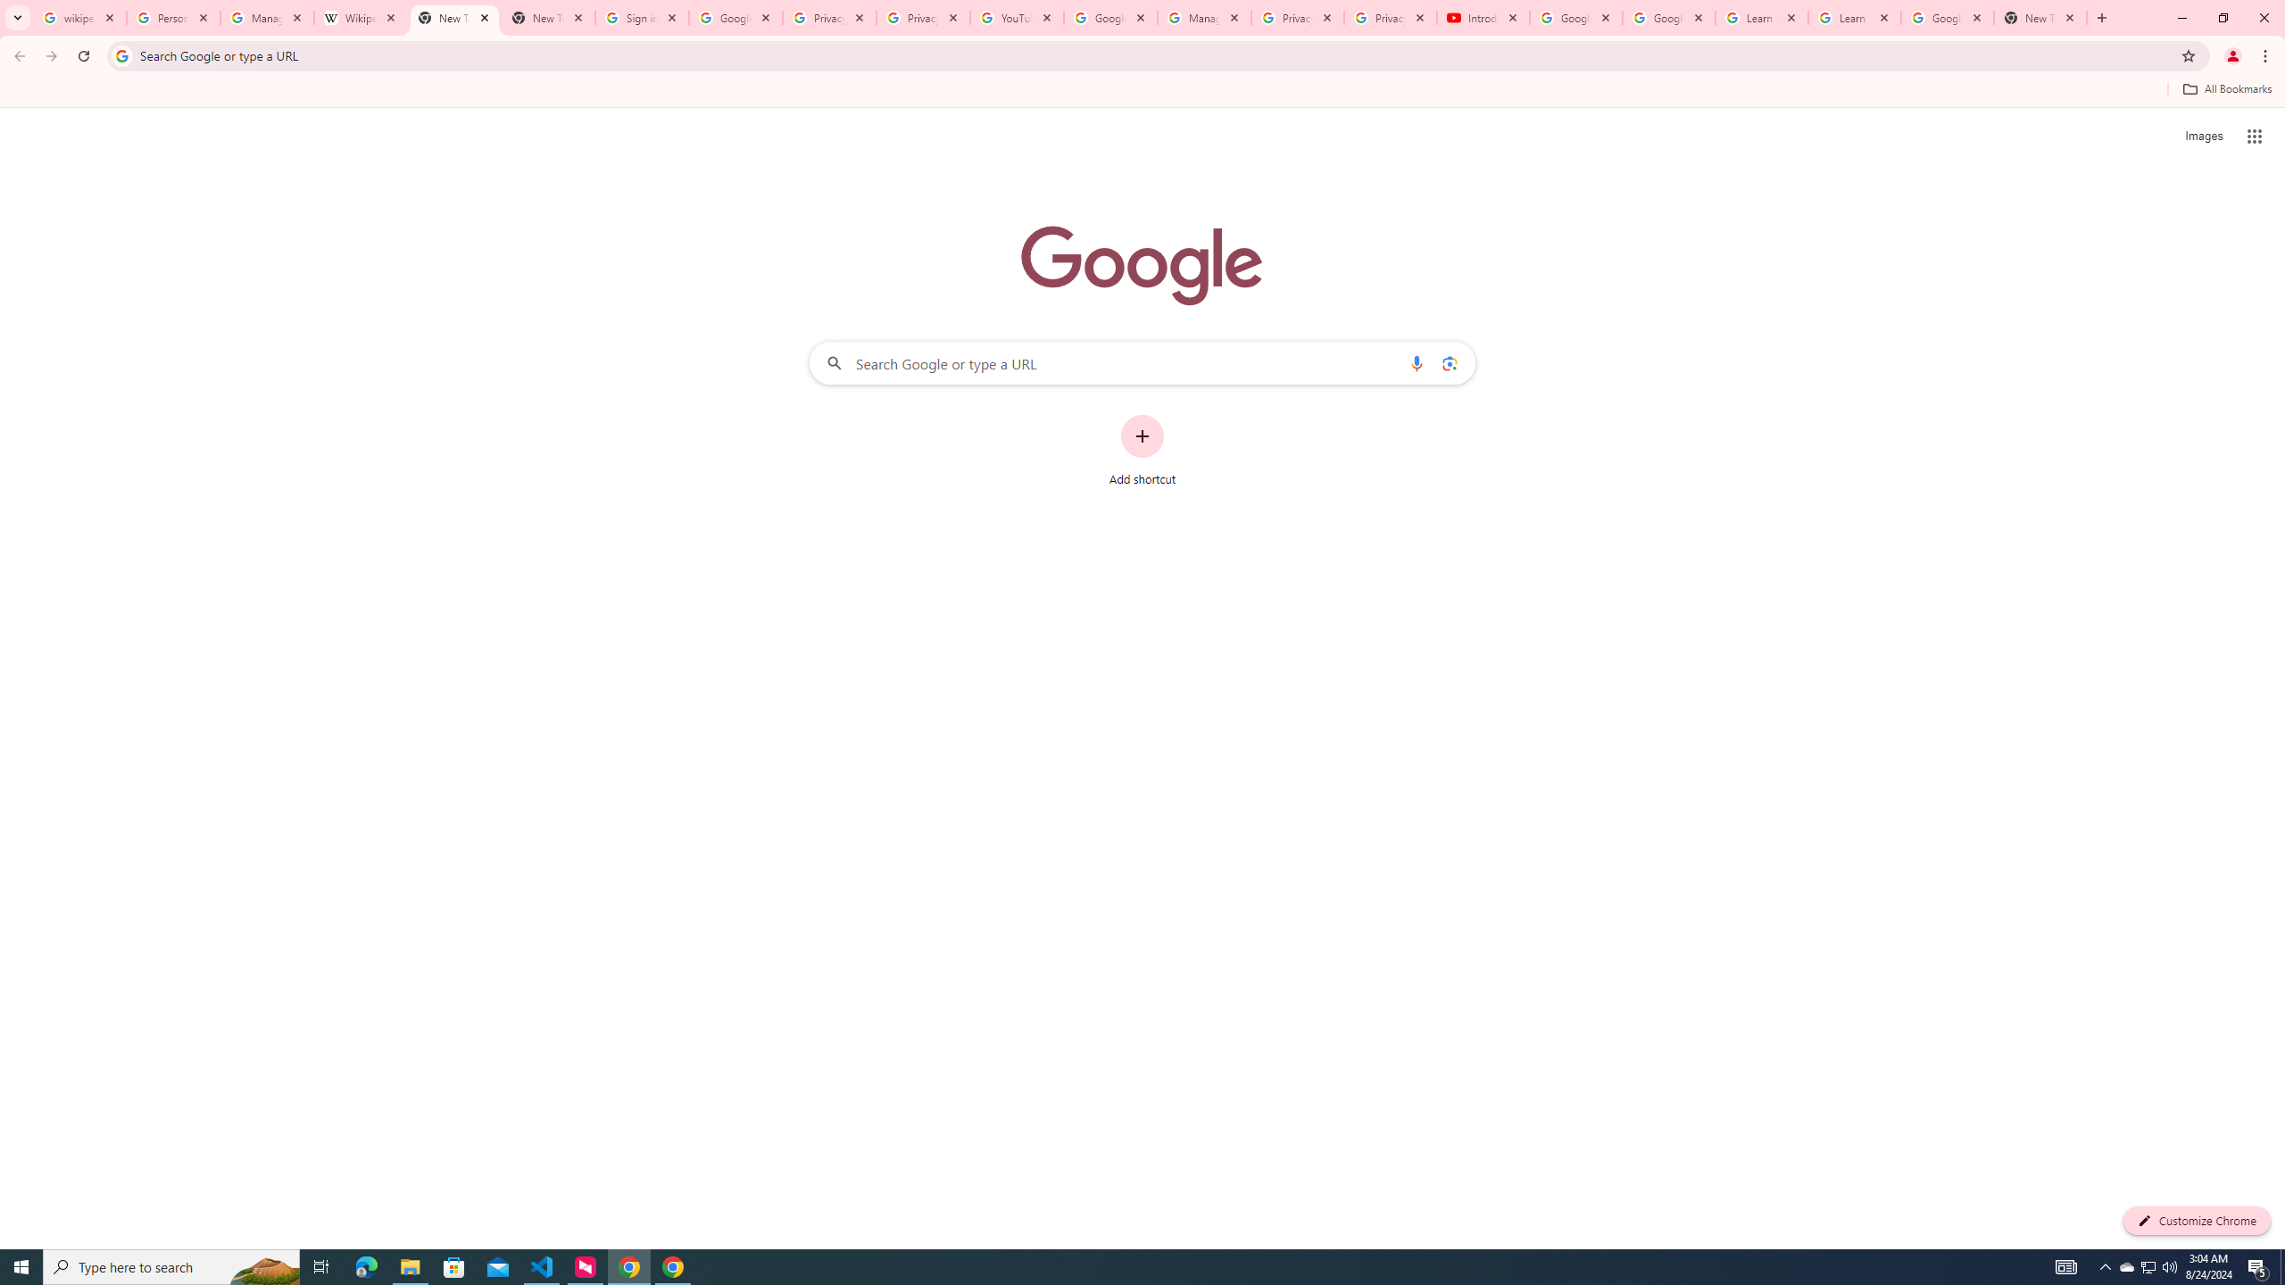 The height and width of the screenshot is (1285, 2285). What do you see at coordinates (1482, 17) in the screenshot?
I see `'Introduction | Google Privacy Policy - YouTube'` at bounding box center [1482, 17].